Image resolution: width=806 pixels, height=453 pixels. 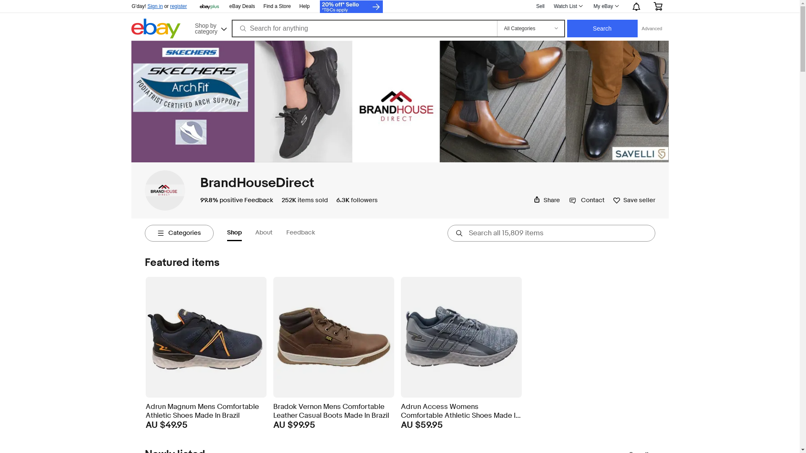 I want to click on 'eBay Deals', so click(x=229, y=6).